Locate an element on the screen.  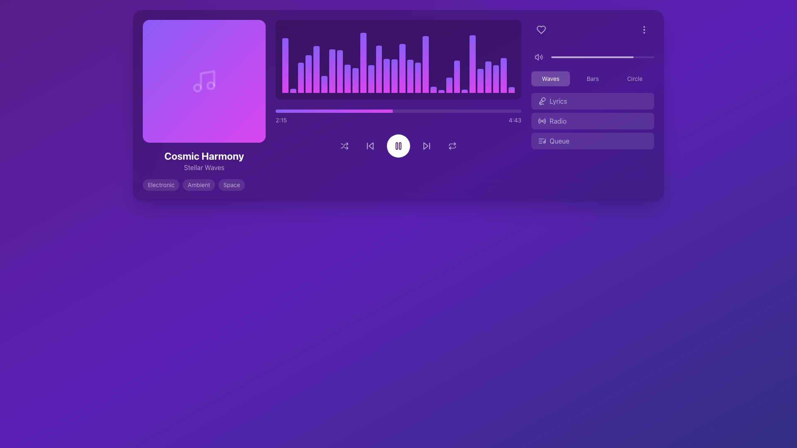
the rightmost vertical histogram bar, which has a gradient color transitioning from fuchsia at the bottom to violet at the top, and is one of the taller bars in the group is located at coordinates (472, 63).